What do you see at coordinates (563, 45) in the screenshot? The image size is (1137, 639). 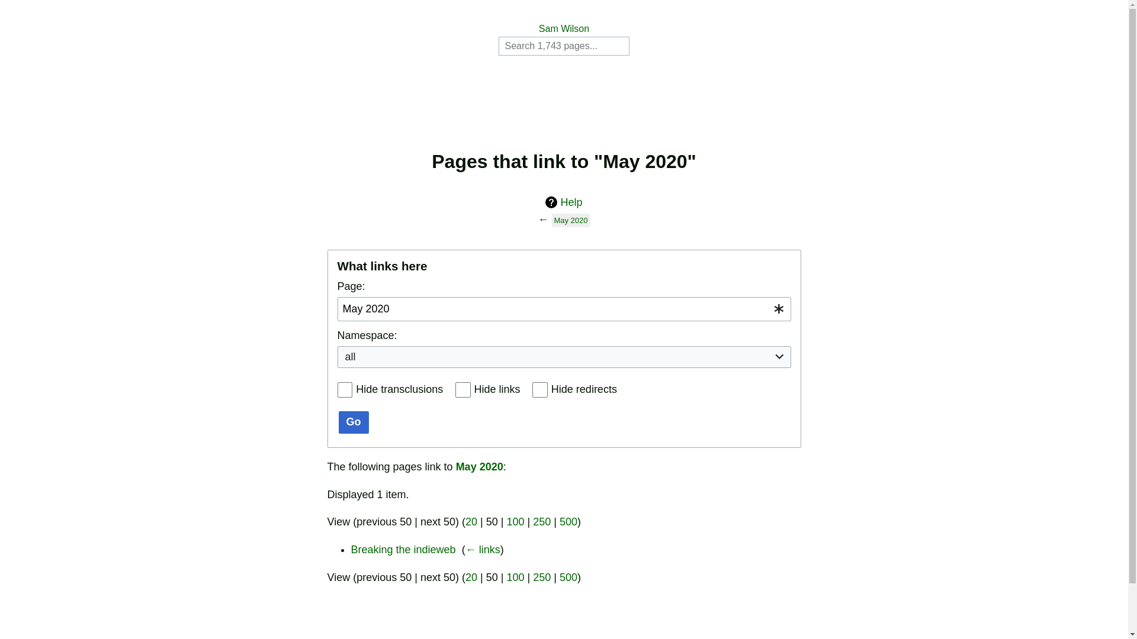 I see `'Search Sam Wilson [alt-shift-f]'` at bounding box center [563, 45].